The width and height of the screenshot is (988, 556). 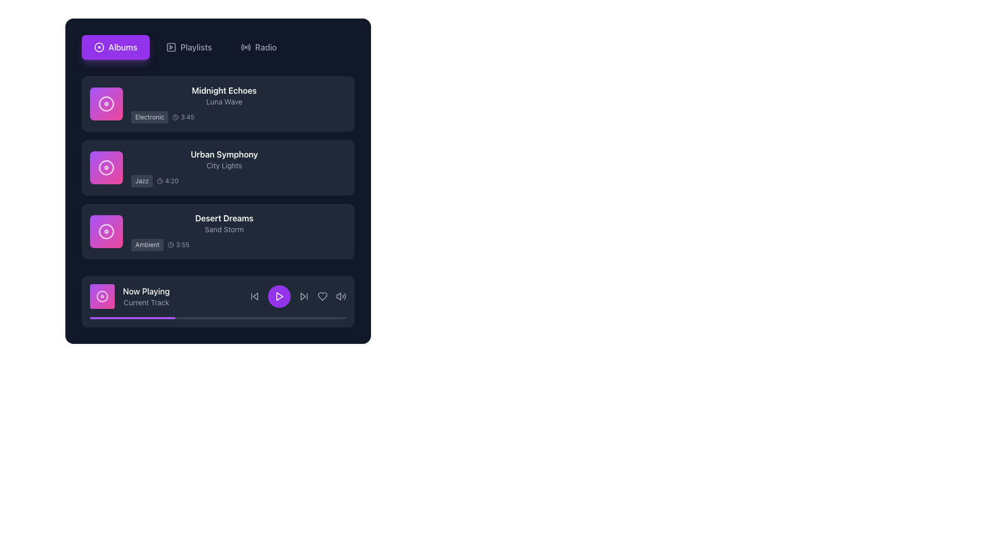 I want to click on the disc icon representing the 'Urban Symphony - City Lights' album, which is part of the second row in the list of album items, so click(x=106, y=167).